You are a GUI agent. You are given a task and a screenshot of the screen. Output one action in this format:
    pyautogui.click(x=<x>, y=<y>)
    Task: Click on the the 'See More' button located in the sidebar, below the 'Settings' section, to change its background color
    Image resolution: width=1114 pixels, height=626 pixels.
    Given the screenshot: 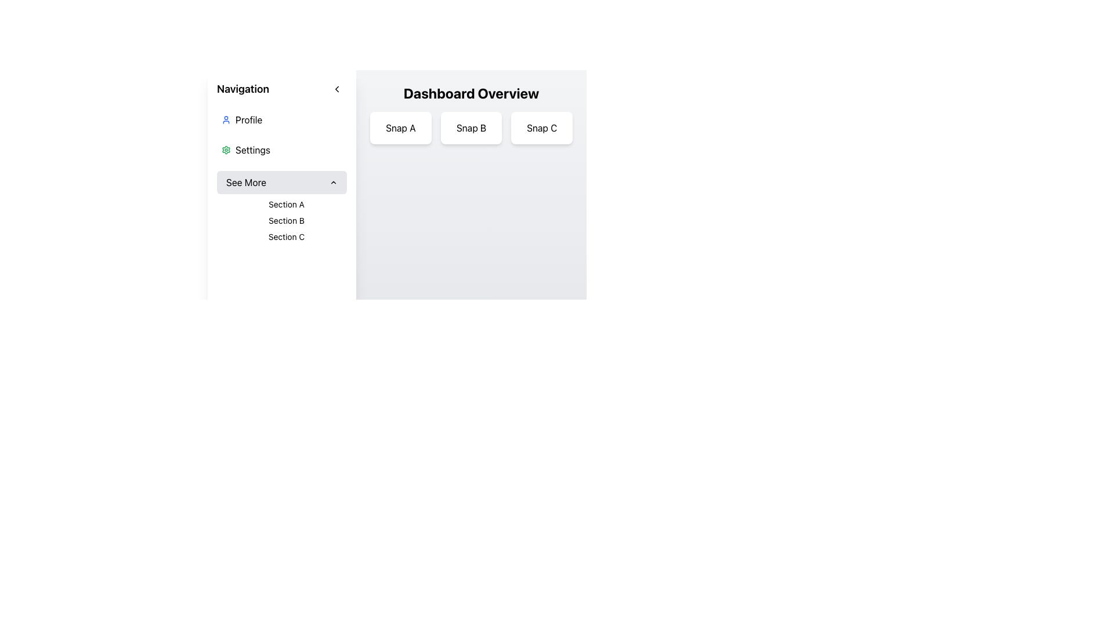 What is the action you would take?
    pyautogui.click(x=281, y=183)
    